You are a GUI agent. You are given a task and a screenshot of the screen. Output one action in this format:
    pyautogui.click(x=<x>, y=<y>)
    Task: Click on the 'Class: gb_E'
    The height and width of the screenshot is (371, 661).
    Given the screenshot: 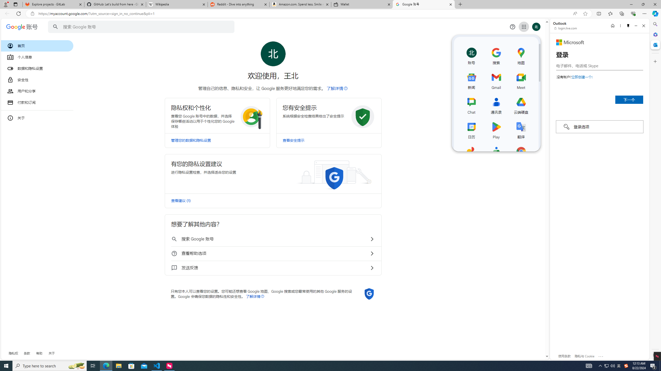 What is the action you would take?
    pyautogui.click(x=523, y=27)
    